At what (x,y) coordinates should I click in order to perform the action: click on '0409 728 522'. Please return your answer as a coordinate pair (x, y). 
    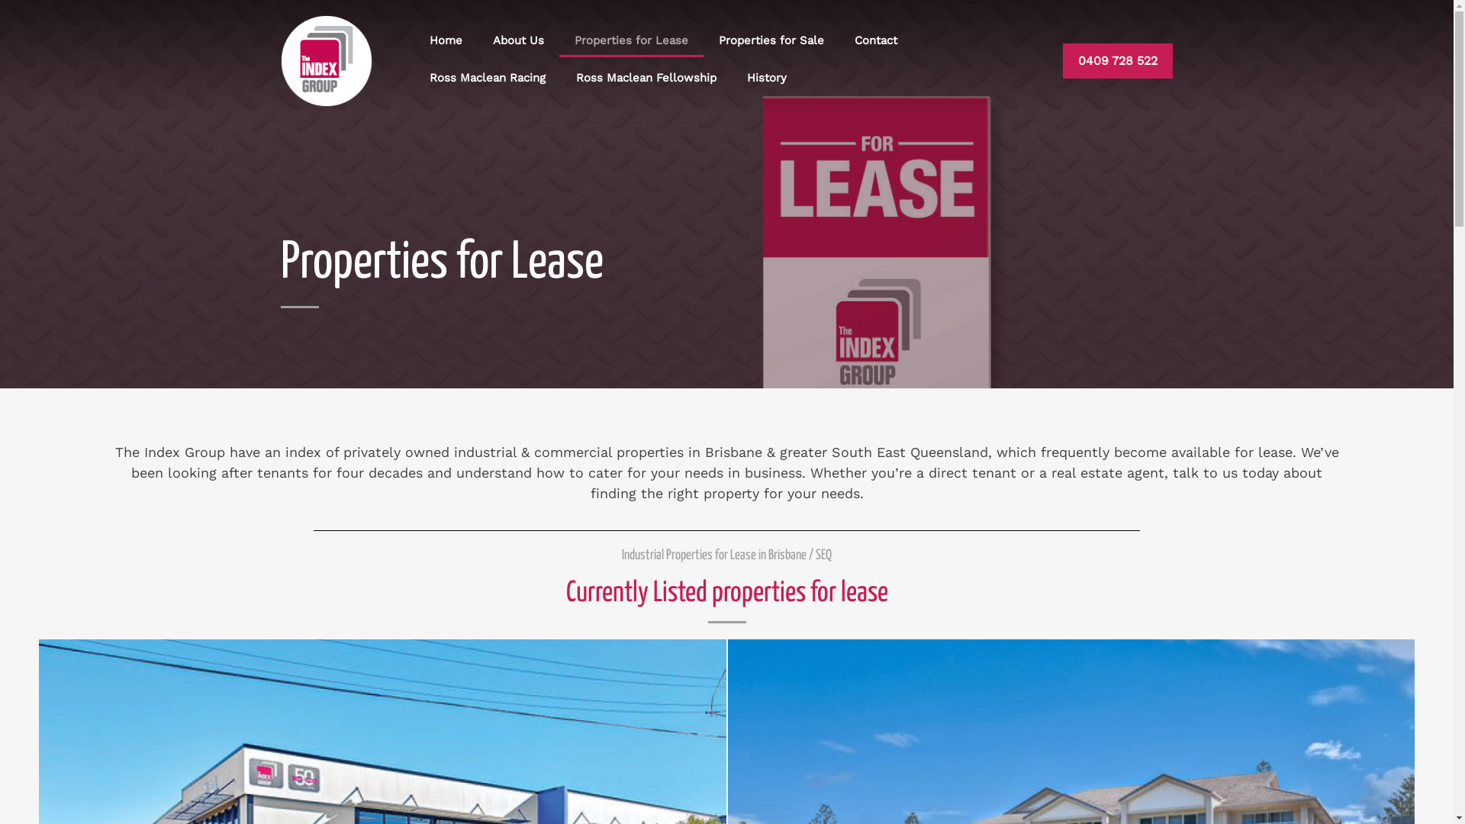
    Looking at the image, I should click on (1117, 60).